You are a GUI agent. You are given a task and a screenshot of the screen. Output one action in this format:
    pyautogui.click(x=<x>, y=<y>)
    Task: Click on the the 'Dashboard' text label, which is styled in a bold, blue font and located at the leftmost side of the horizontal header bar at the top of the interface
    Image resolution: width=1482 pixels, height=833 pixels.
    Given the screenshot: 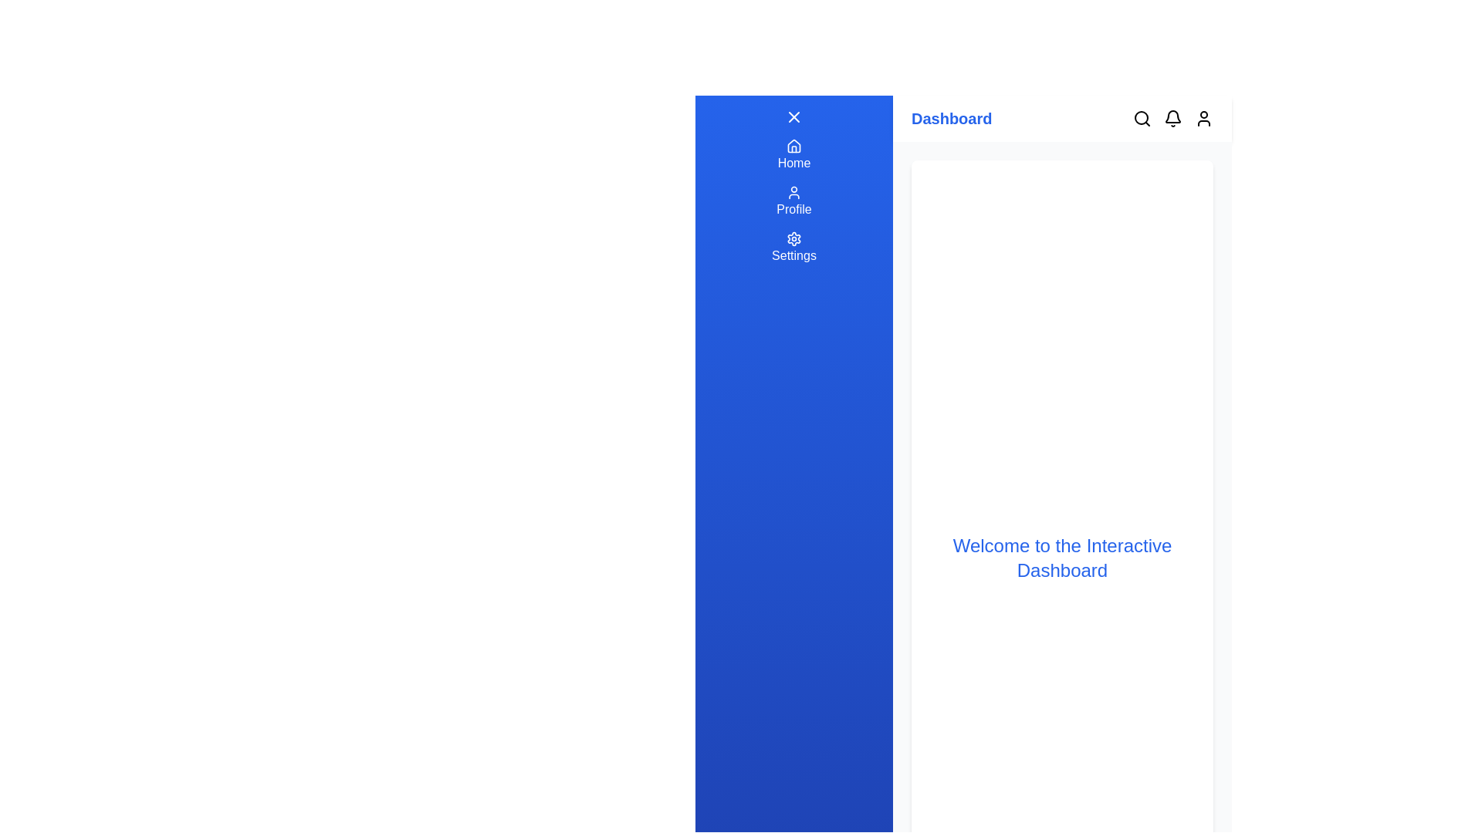 What is the action you would take?
    pyautogui.click(x=951, y=118)
    